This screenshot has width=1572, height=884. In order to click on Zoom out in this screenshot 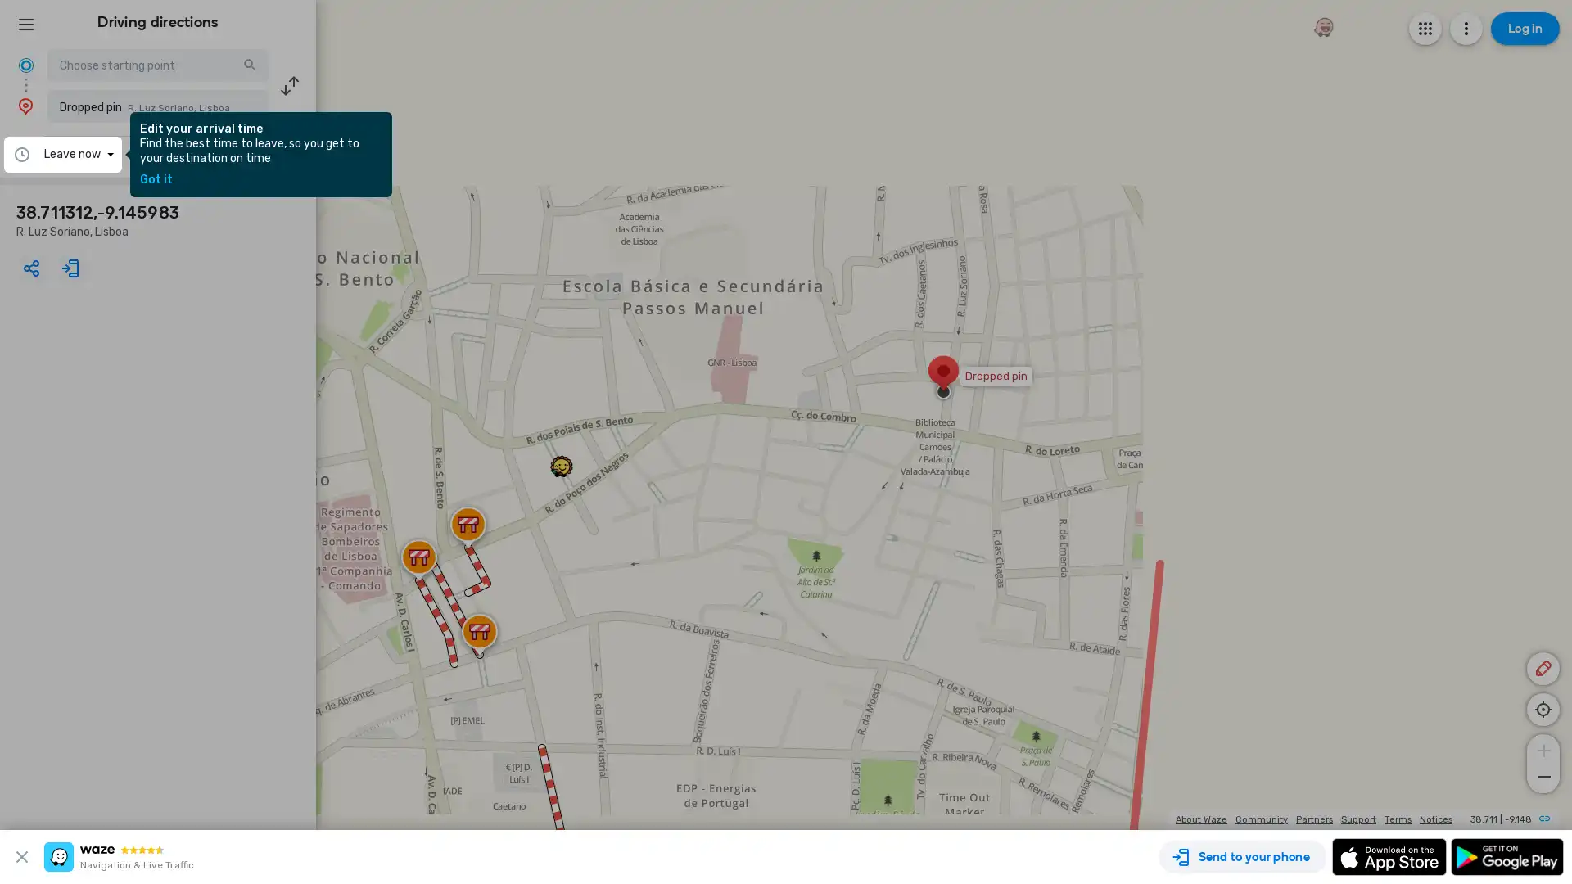, I will do `click(1543, 778)`.